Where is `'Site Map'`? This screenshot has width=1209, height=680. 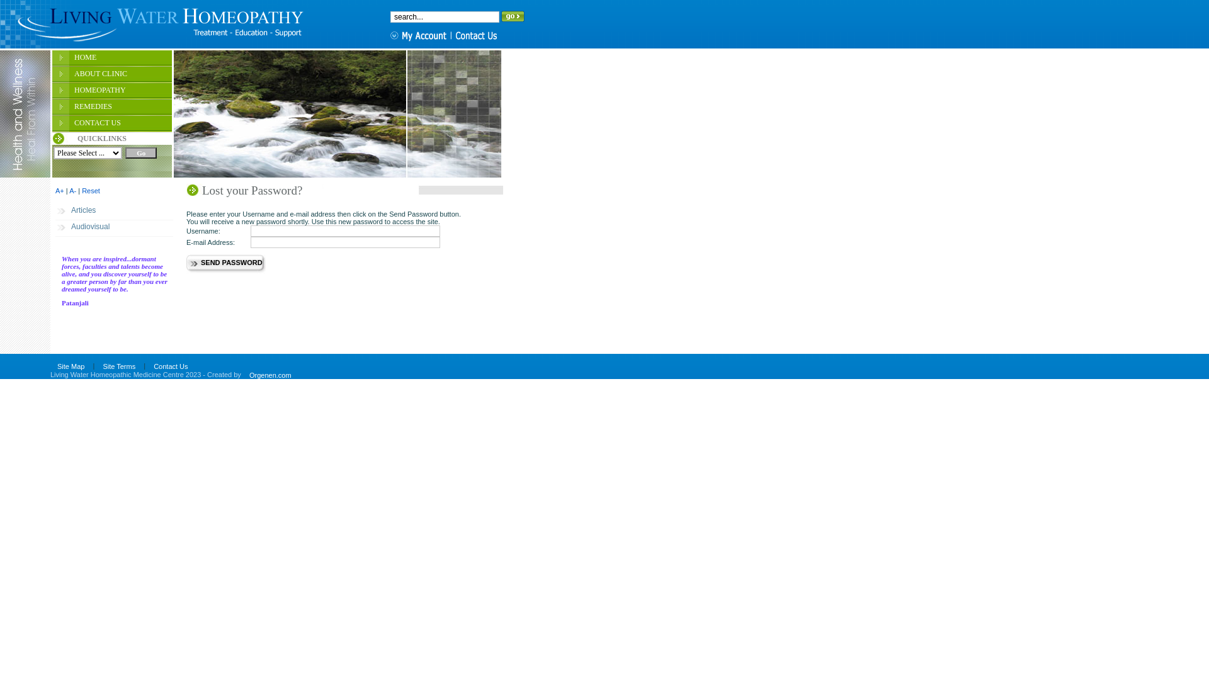 'Site Map' is located at coordinates (50, 366).